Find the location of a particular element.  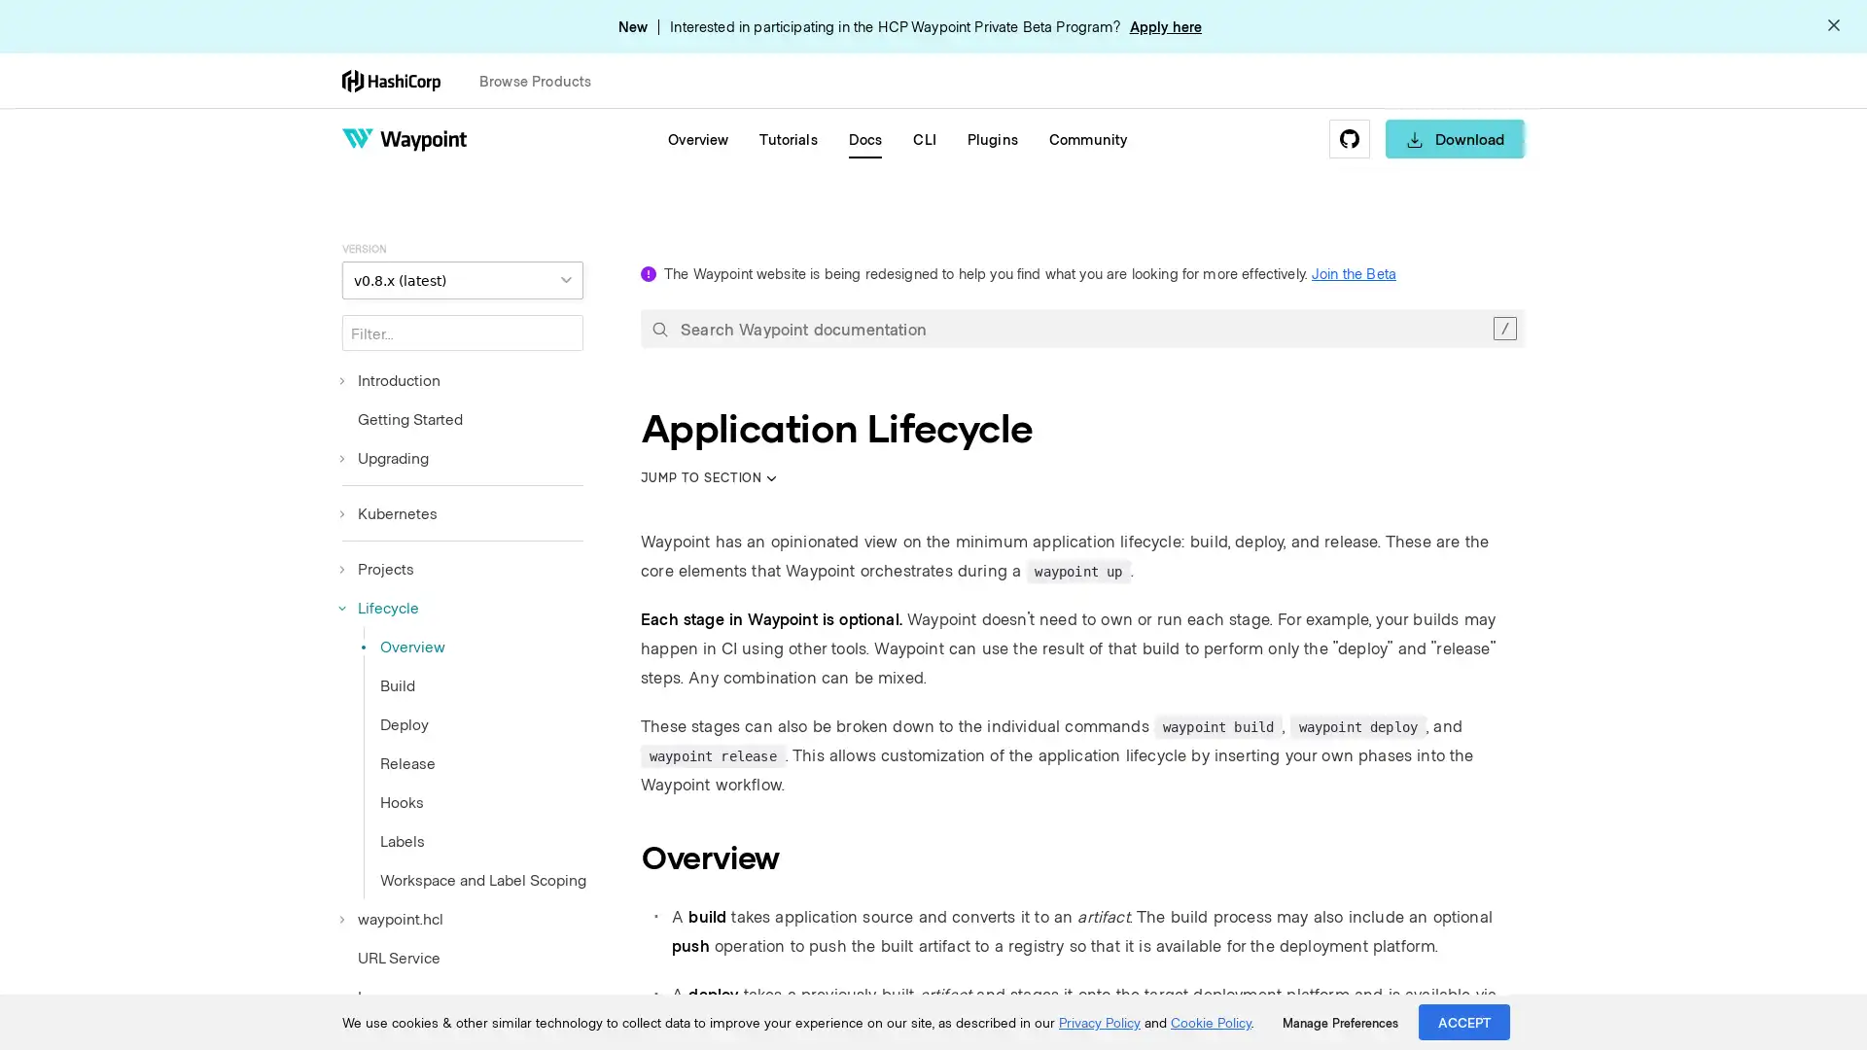

waypoint.hcl is located at coordinates (391, 919).